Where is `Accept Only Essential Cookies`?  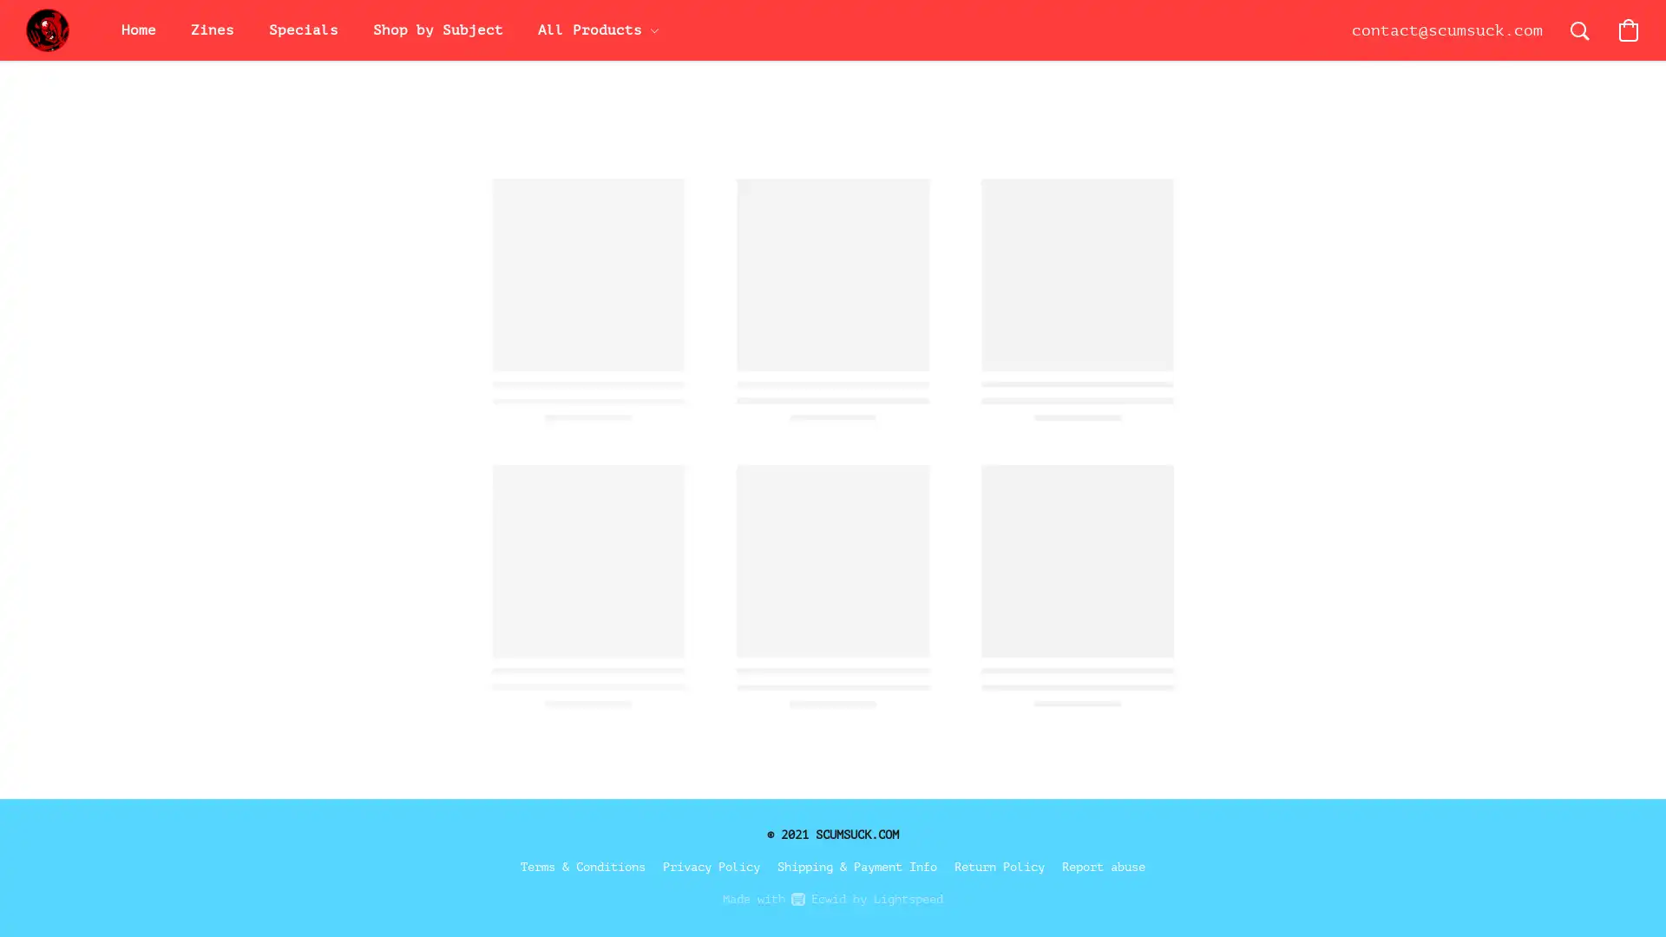
Accept Only Essential Cookies is located at coordinates (1420, 618).